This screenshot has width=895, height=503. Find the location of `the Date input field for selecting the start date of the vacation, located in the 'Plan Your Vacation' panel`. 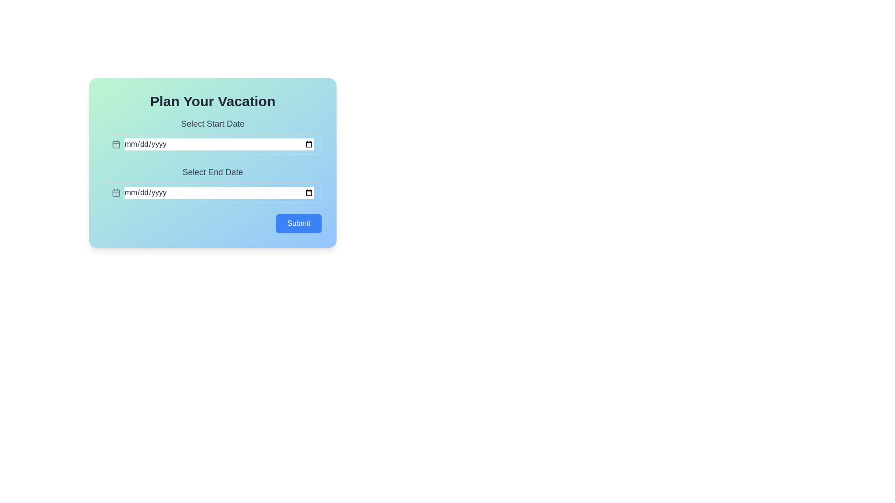

the Date input field for selecting the start date of the vacation, located in the 'Plan Your Vacation' panel is located at coordinates (212, 136).